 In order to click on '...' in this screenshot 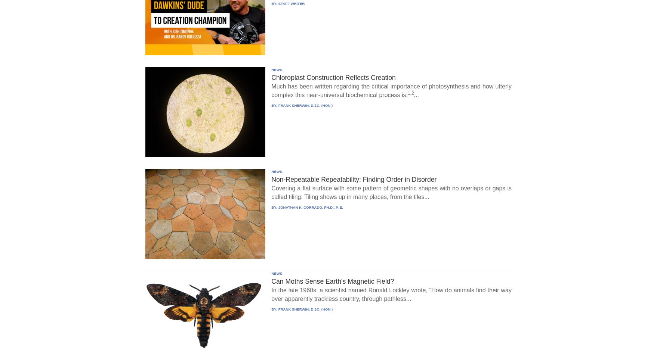, I will do `click(416, 94)`.